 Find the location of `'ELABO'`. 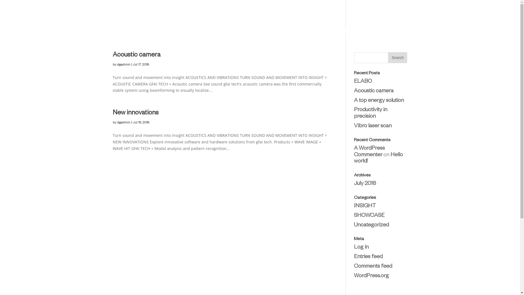

'ELABO' is located at coordinates (363, 82).